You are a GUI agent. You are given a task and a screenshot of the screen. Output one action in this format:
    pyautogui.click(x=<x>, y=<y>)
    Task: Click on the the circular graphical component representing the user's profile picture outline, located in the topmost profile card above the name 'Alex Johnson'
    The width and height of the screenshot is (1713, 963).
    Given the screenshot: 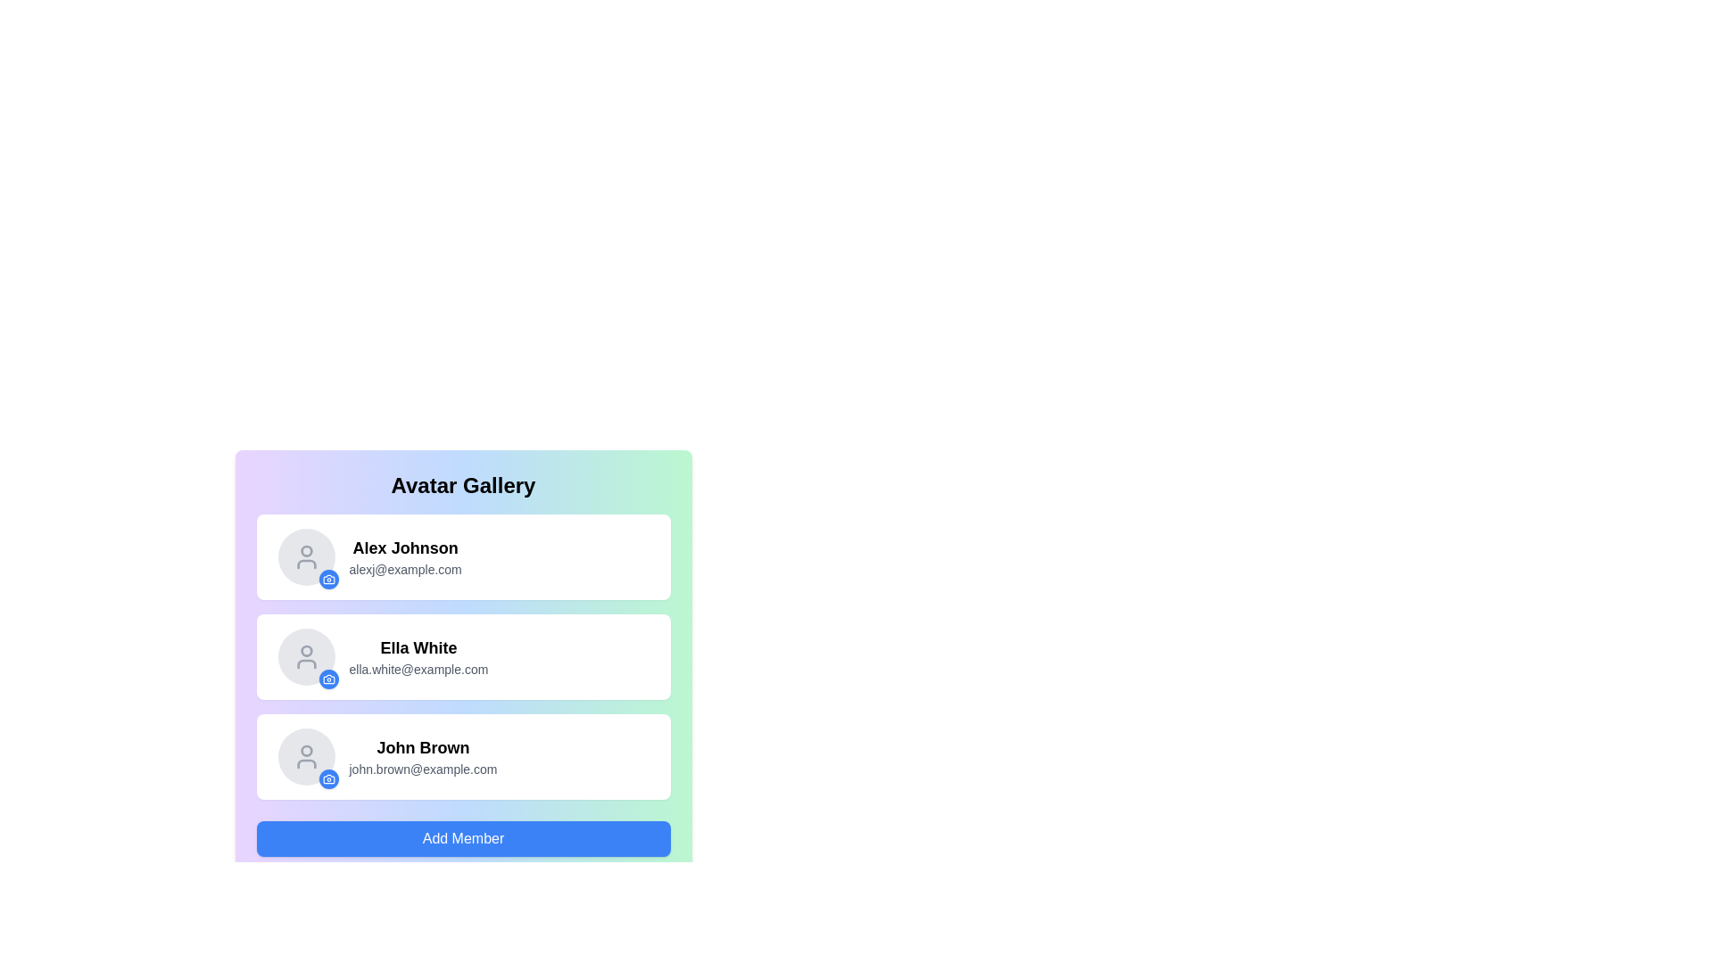 What is the action you would take?
    pyautogui.click(x=306, y=550)
    